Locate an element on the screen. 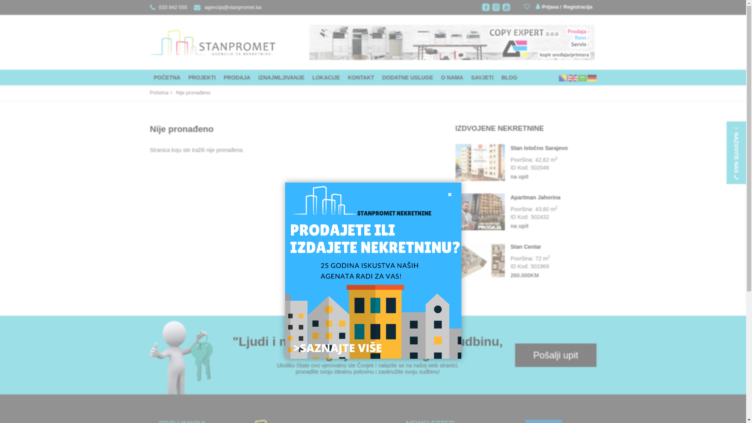 Image resolution: width=752 pixels, height=423 pixels. 'IZNAJMLJIVANJE' is located at coordinates (281, 77).